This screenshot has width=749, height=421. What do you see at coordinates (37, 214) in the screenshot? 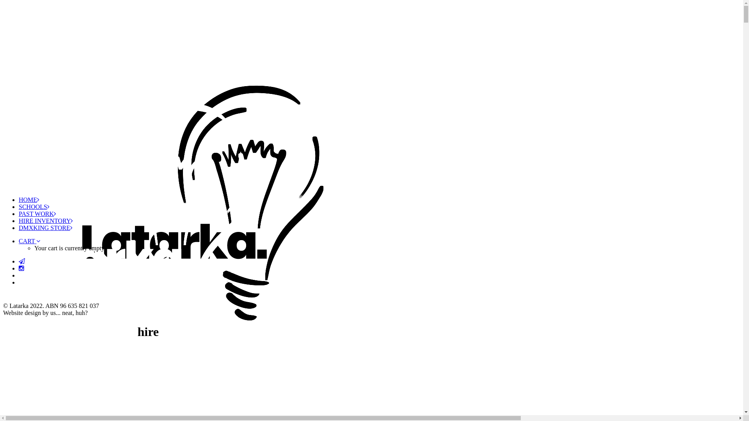
I see `'PAST WORK'` at bounding box center [37, 214].